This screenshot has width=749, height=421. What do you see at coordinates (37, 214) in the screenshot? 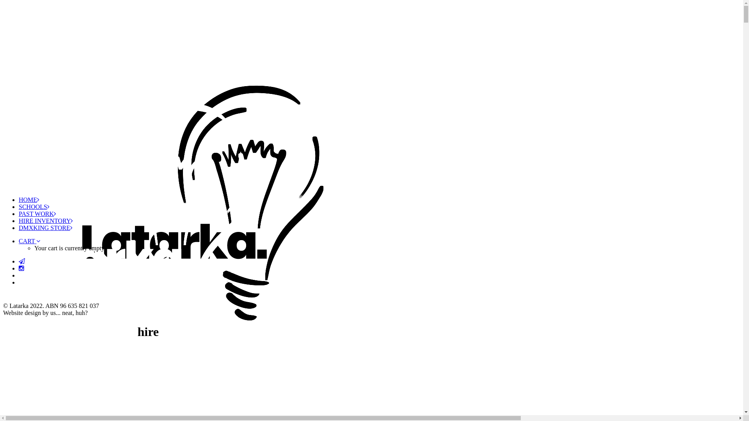
I see `'PAST WORK'` at bounding box center [37, 214].